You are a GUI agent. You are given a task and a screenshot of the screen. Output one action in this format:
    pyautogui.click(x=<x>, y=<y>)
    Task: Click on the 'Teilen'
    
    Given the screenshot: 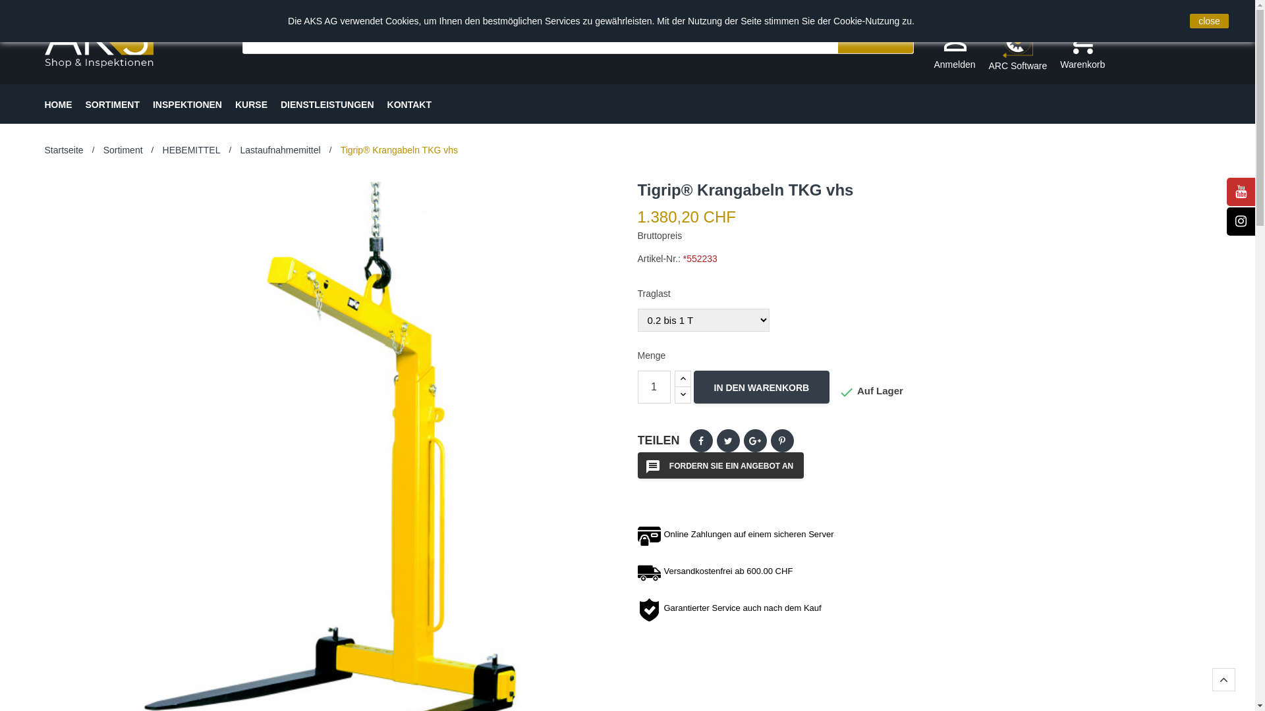 What is the action you would take?
    pyautogui.click(x=700, y=440)
    